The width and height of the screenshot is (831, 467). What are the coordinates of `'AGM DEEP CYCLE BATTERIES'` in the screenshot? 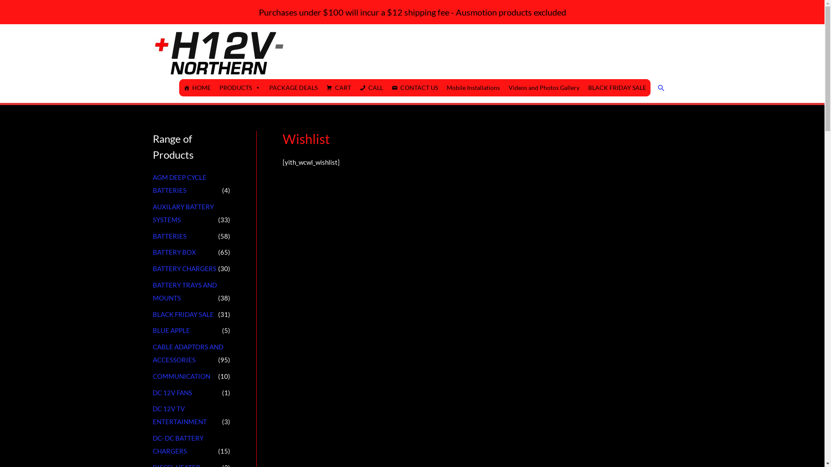 It's located at (178, 183).